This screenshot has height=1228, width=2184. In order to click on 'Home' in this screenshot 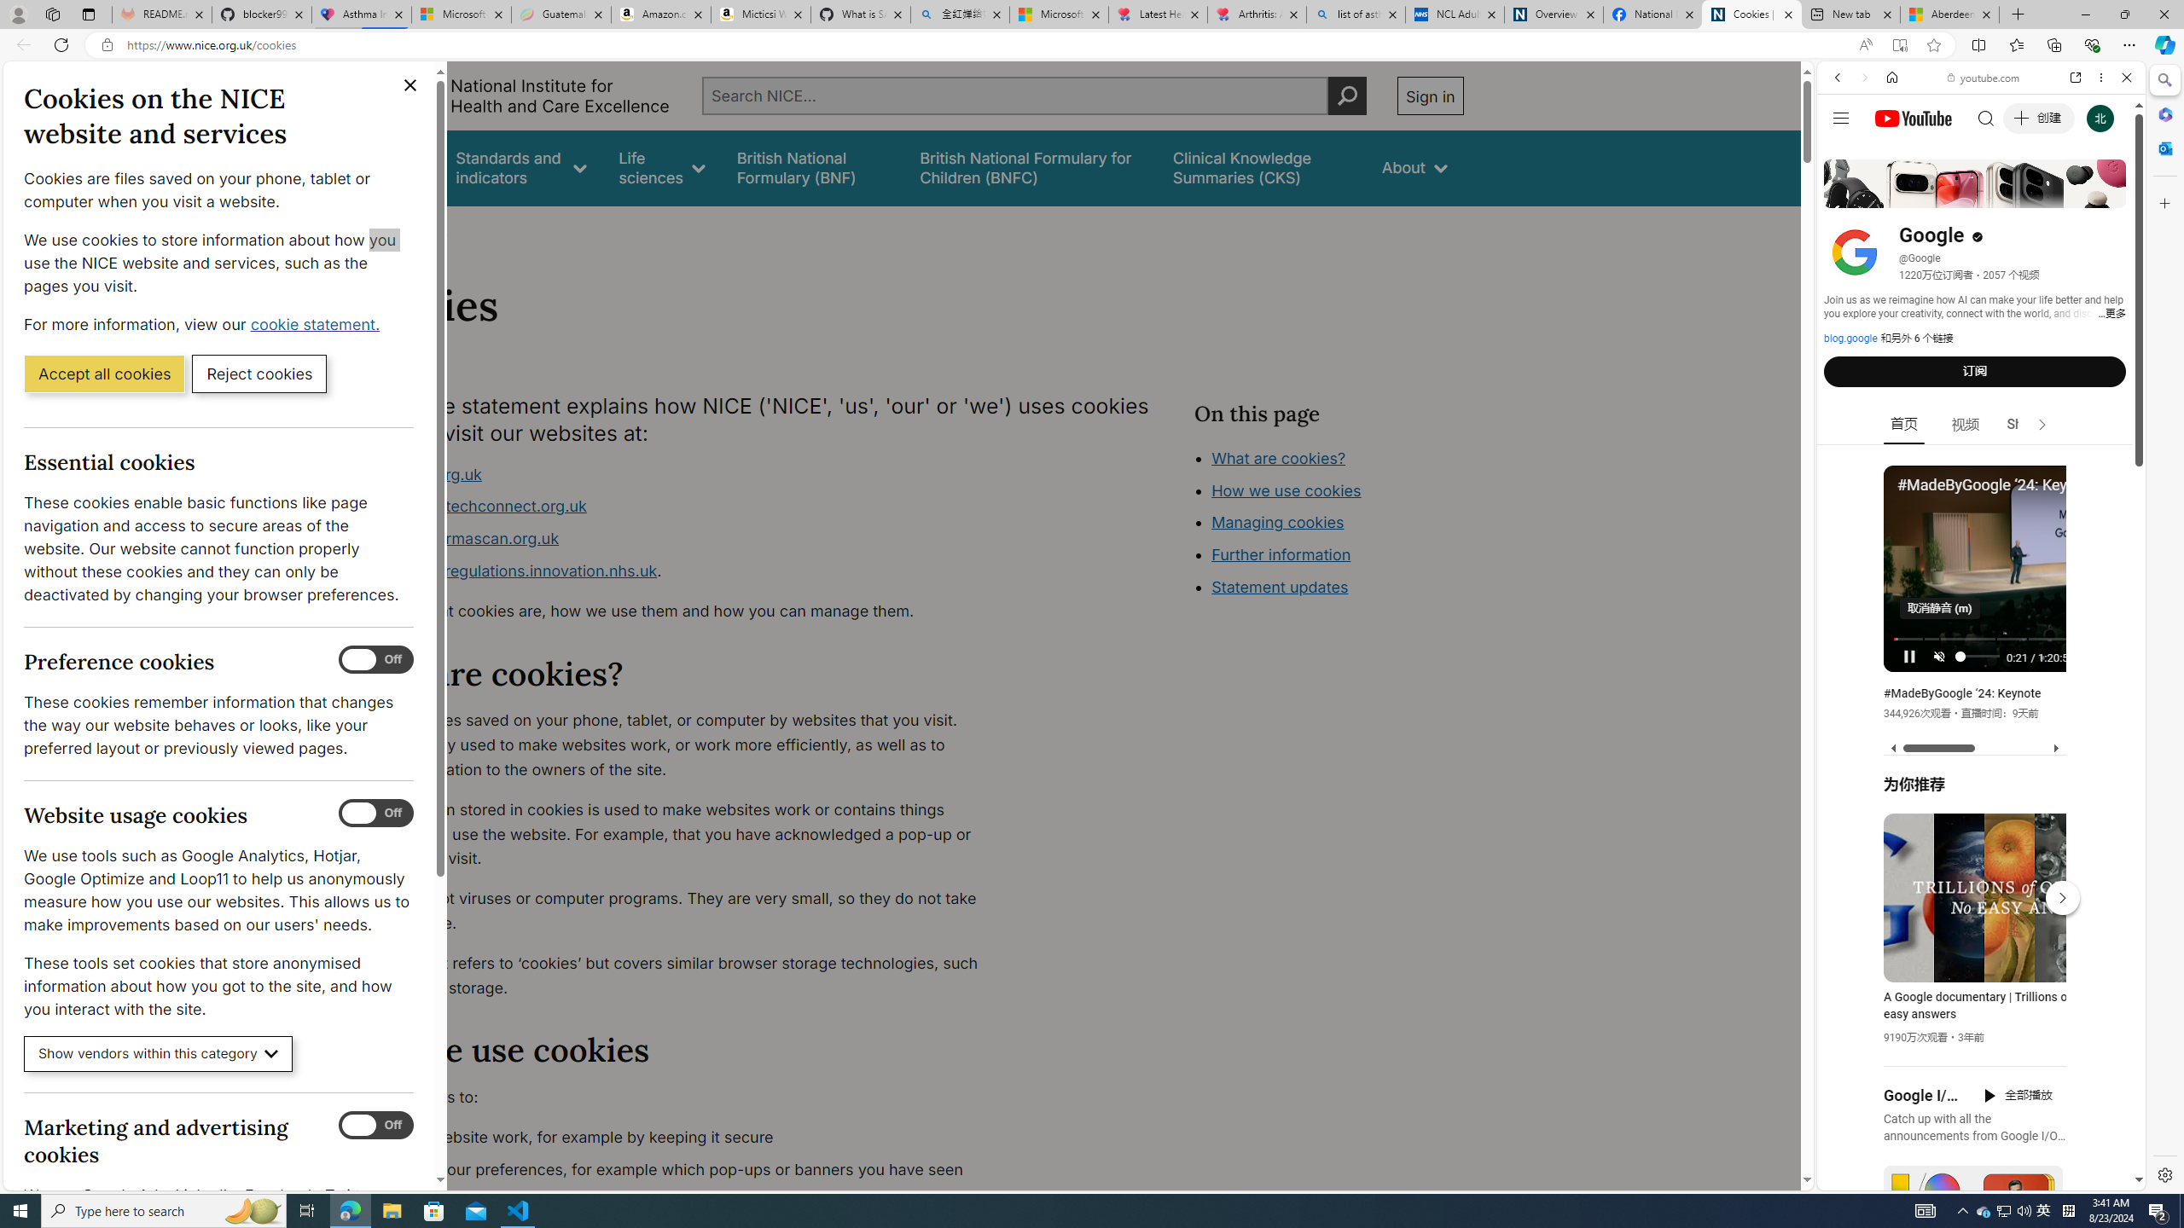, I will do `click(1891, 76)`.